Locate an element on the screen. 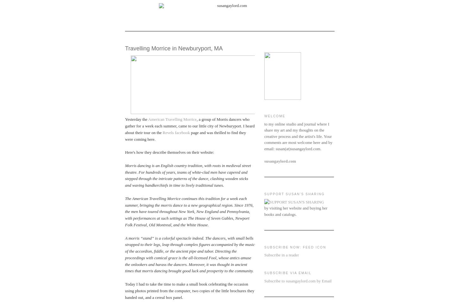 The width and height of the screenshot is (459, 303). 'The American Travelling Morrice continues this tradition for a week each summer, bringing the morris dance to a new geographical region. Since 1976, the men have toured throughout New York, New England and Pennsylvania, with performances at such settings as The House of Seven Gables, Newport Folk Festival, Old Montreal, and the White House.' is located at coordinates (189, 211).